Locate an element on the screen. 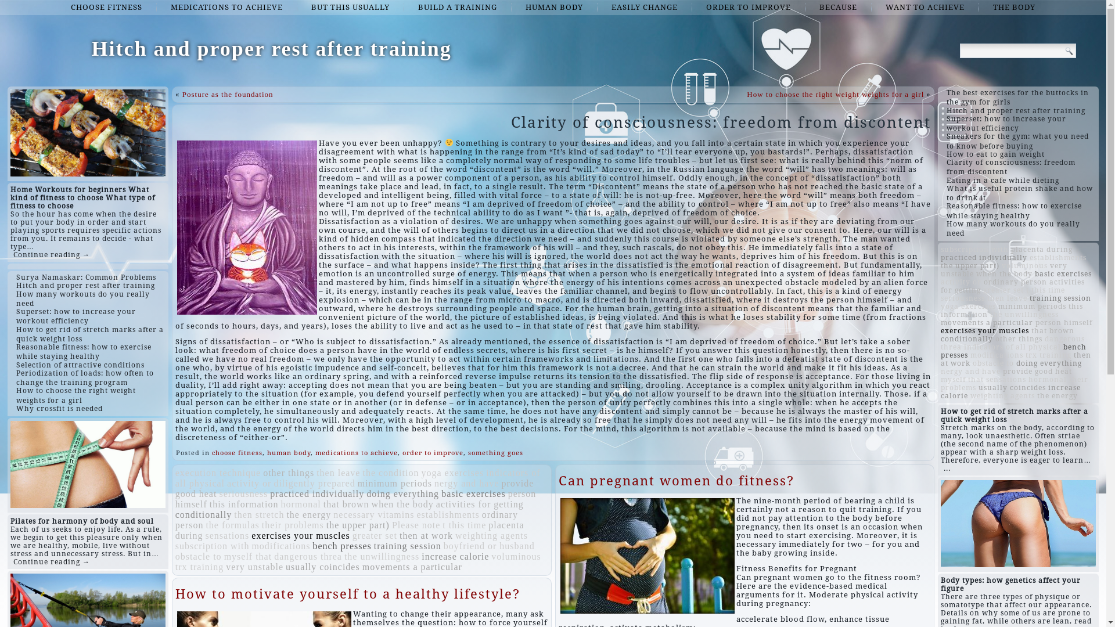 This screenshot has width=1115, height=627. 'increase calorie' is located at coordinates (1010, 392).